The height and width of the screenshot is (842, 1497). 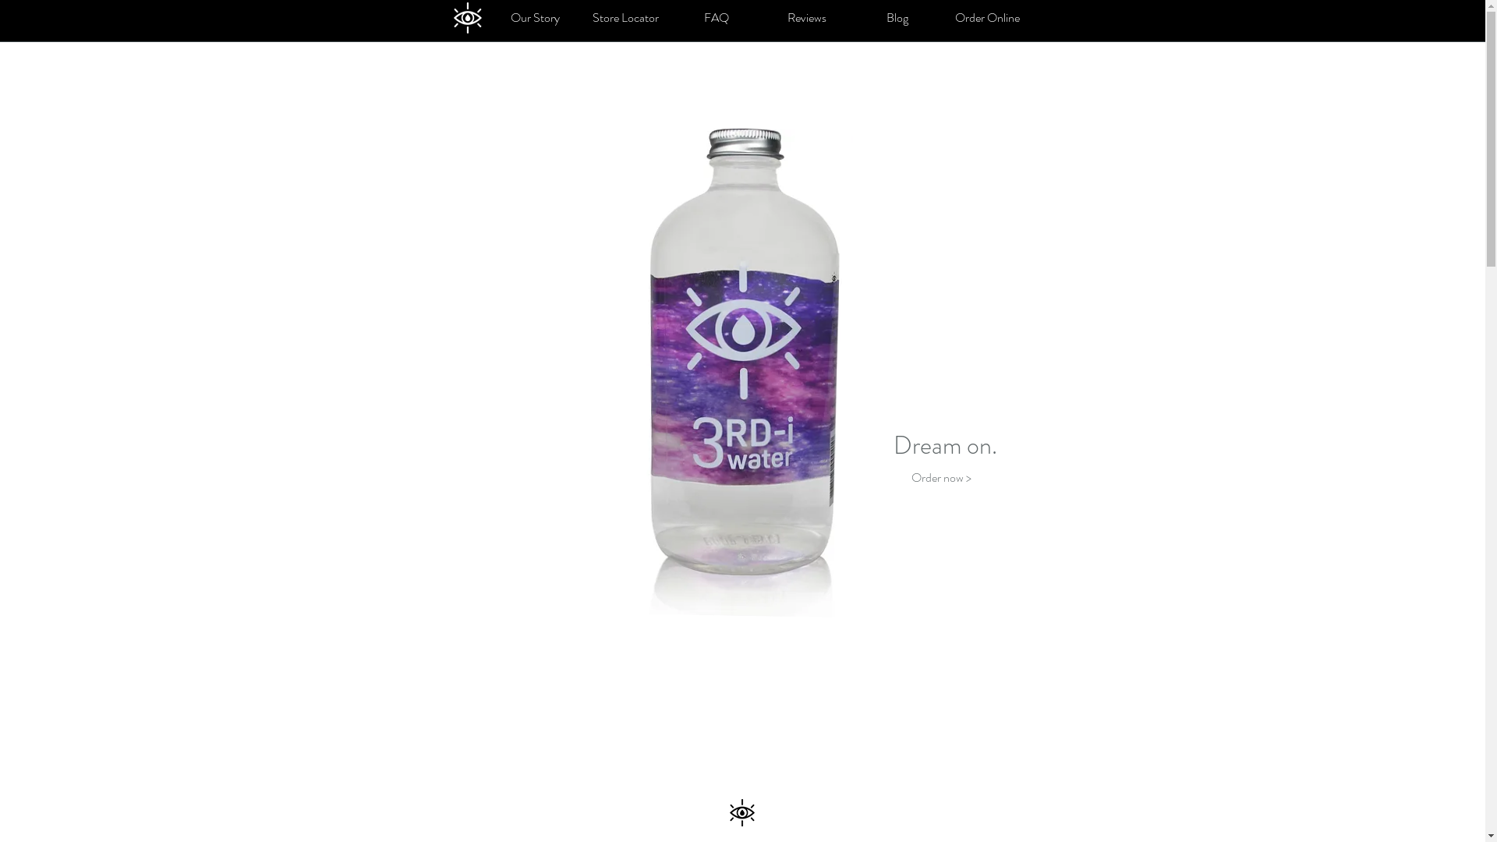 I want to click on 'Store Locator', so click(x=625, y=18).